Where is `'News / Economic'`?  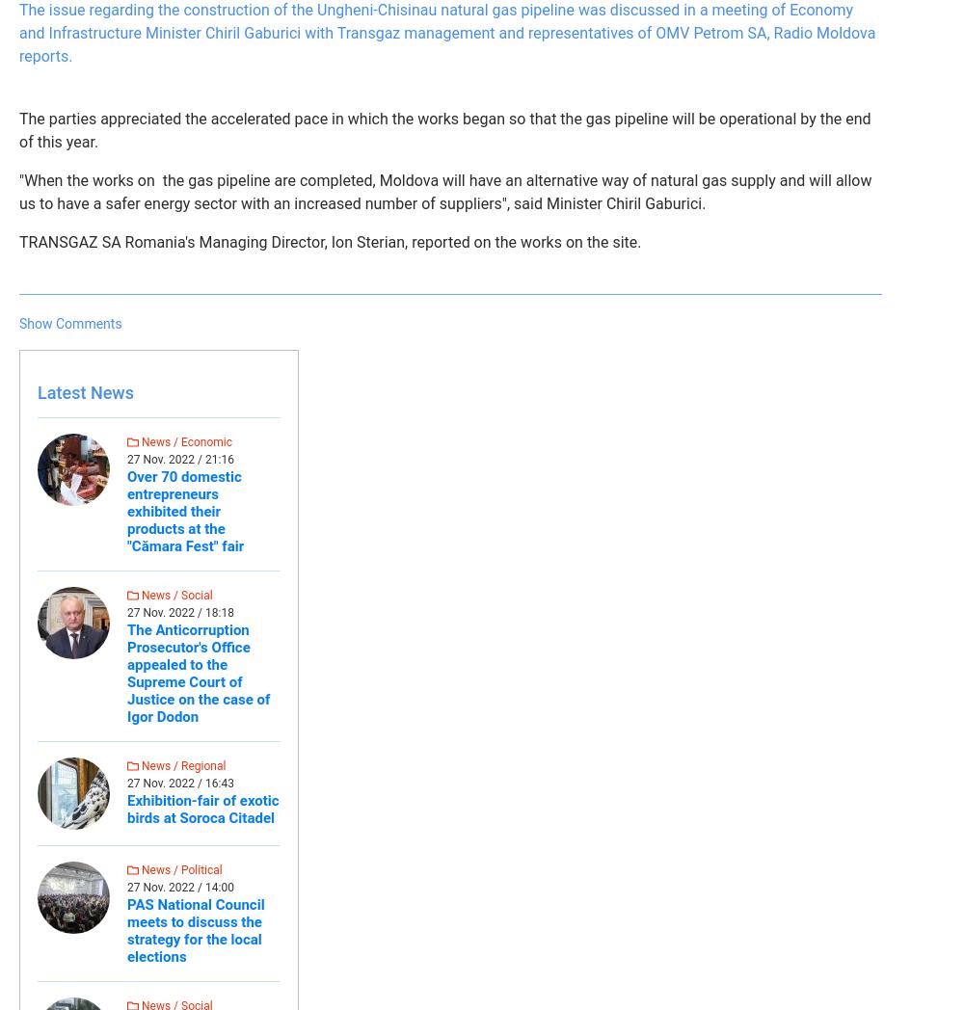
'News / Economic' is located at coordinates (184, 441).